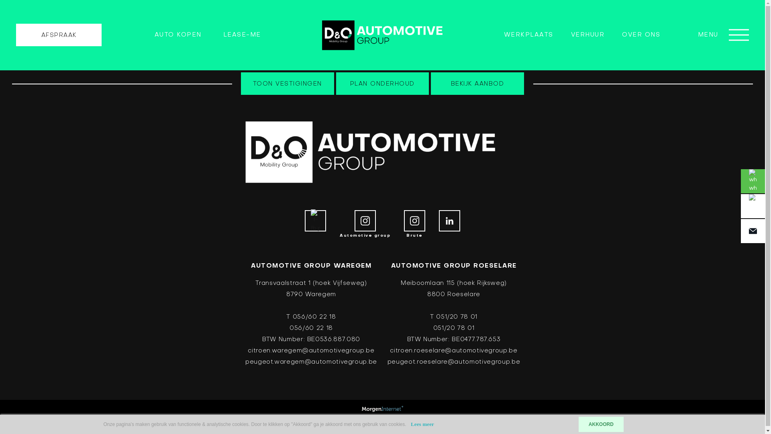  I want to click on 'PLAN ONDERHOUD', so click(336, 84).